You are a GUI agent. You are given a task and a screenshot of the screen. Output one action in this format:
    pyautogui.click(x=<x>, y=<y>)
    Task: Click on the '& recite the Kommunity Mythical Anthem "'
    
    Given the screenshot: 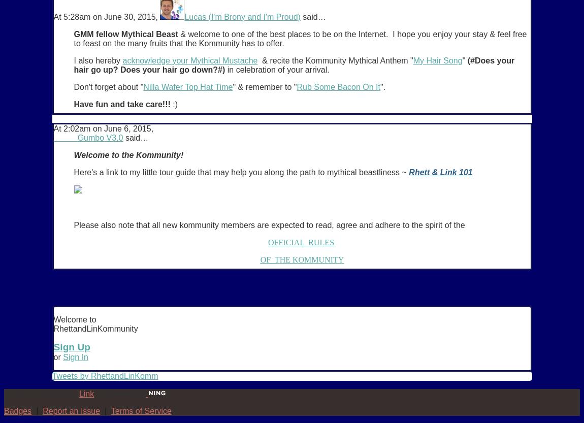 What is the action you would take?
    pyautogui.click(x=334, y=59)
    